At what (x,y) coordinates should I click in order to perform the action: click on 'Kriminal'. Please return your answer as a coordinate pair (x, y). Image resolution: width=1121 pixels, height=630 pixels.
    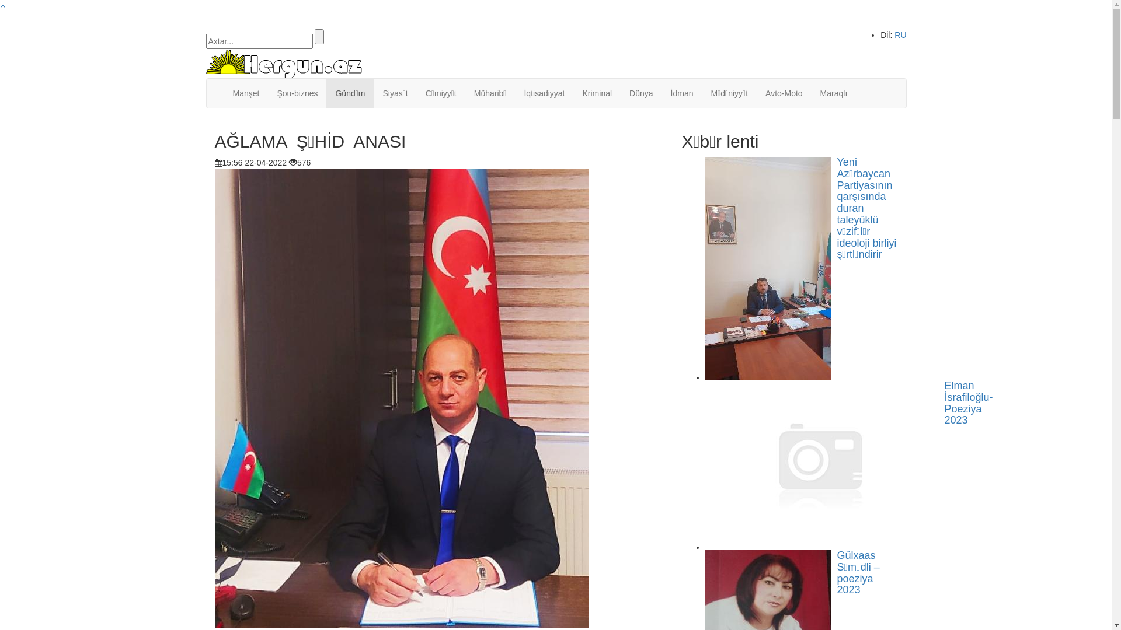
    Looking at the image, I should click on (597, 92).